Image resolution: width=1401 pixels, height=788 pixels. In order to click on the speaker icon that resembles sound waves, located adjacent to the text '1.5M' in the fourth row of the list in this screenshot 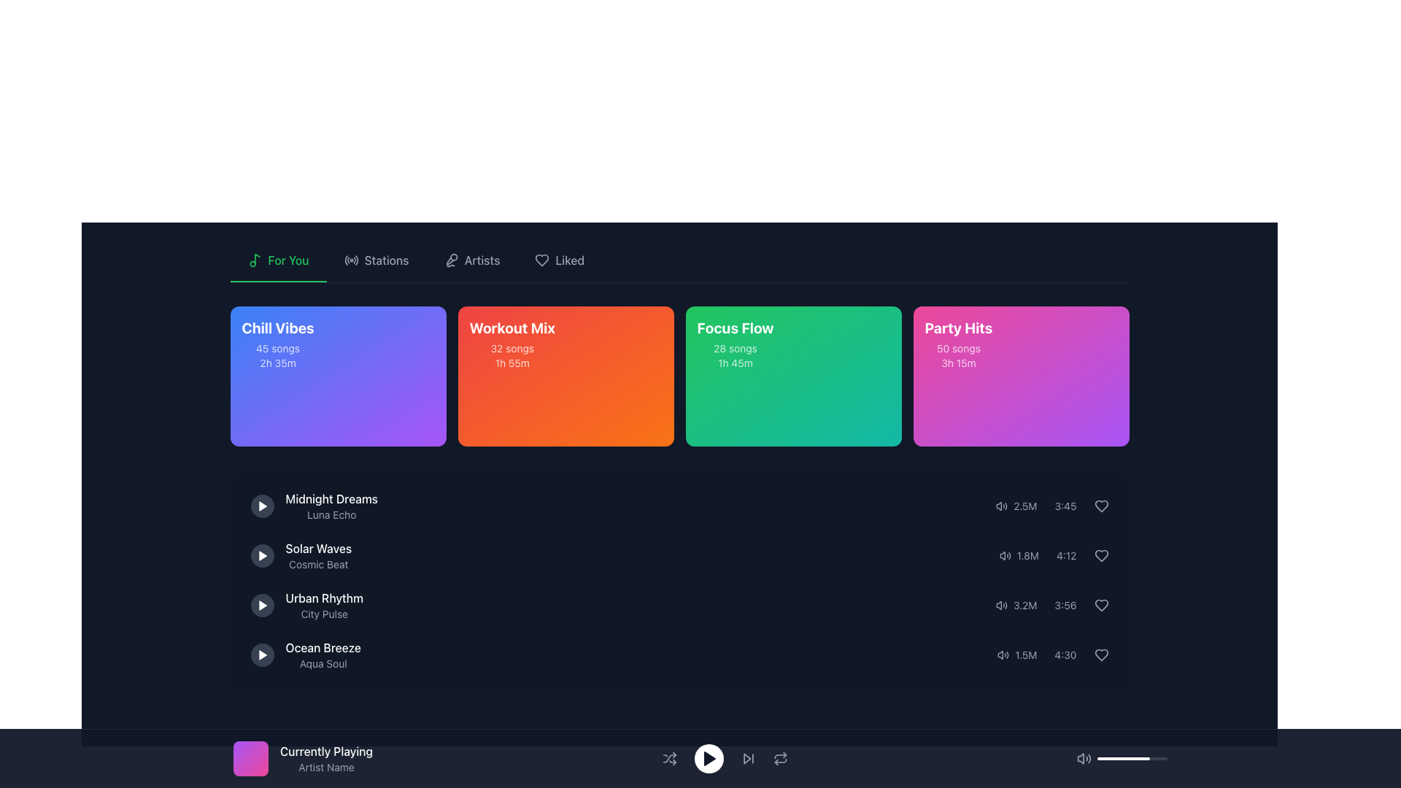, I will do `click(1003, 654)`.